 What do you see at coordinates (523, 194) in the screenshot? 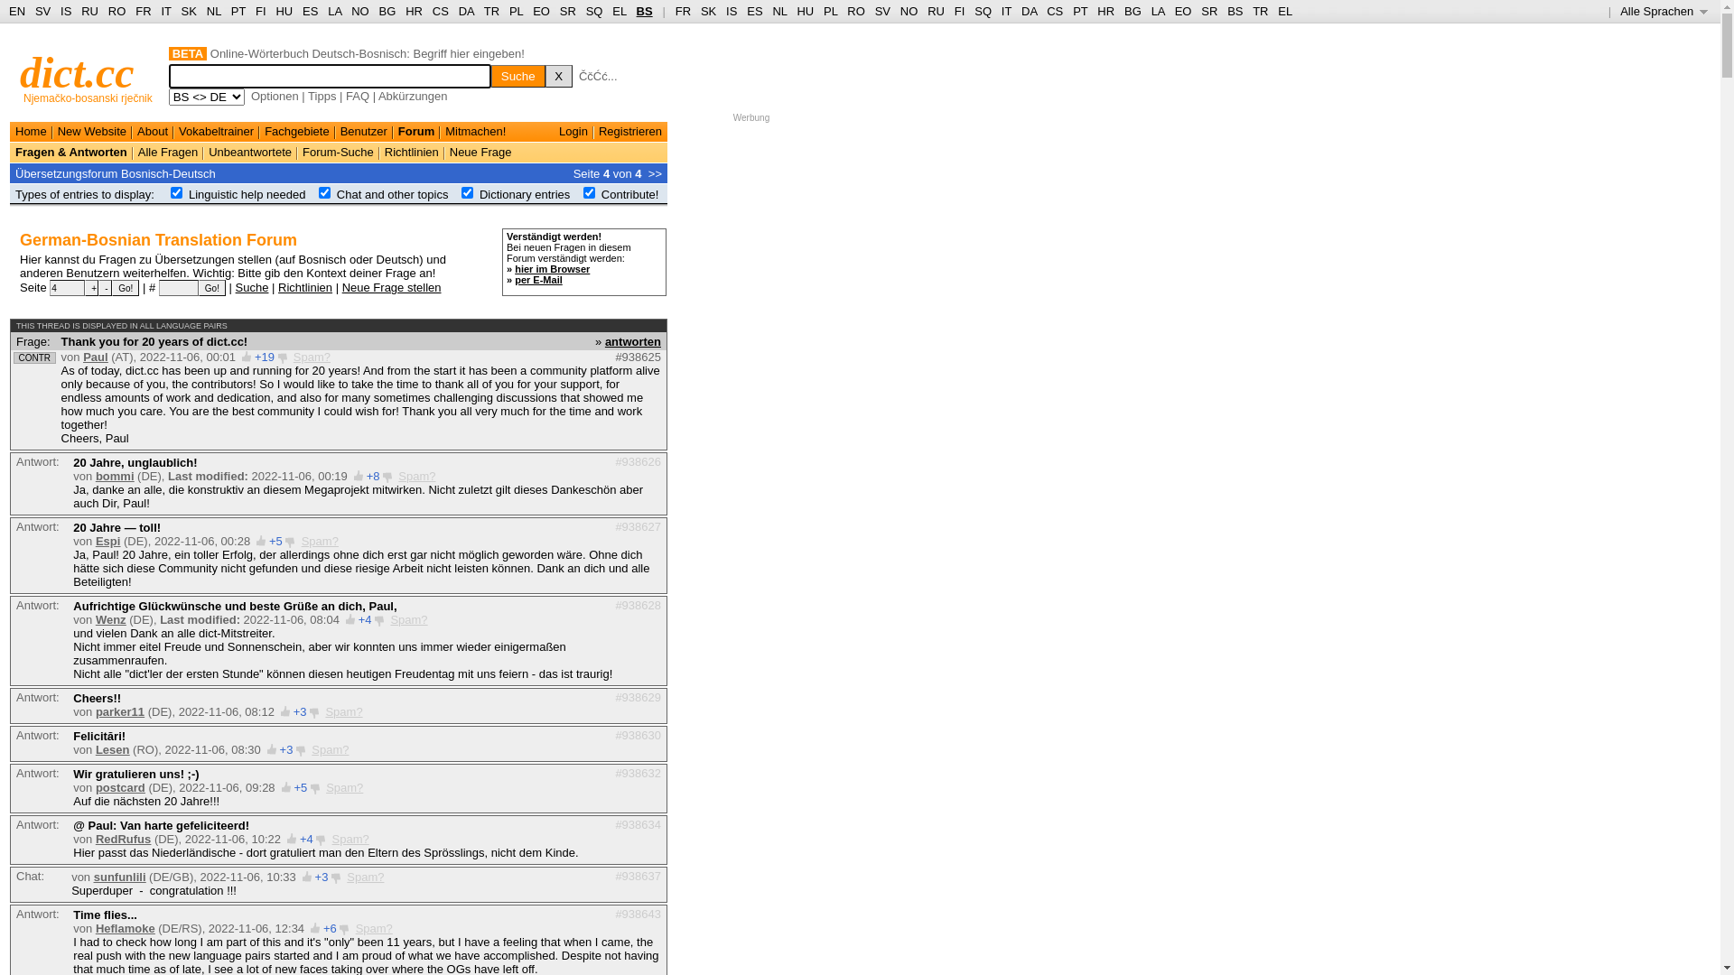
I see `'Dictionary entries'` at bounding box center [523, 194].